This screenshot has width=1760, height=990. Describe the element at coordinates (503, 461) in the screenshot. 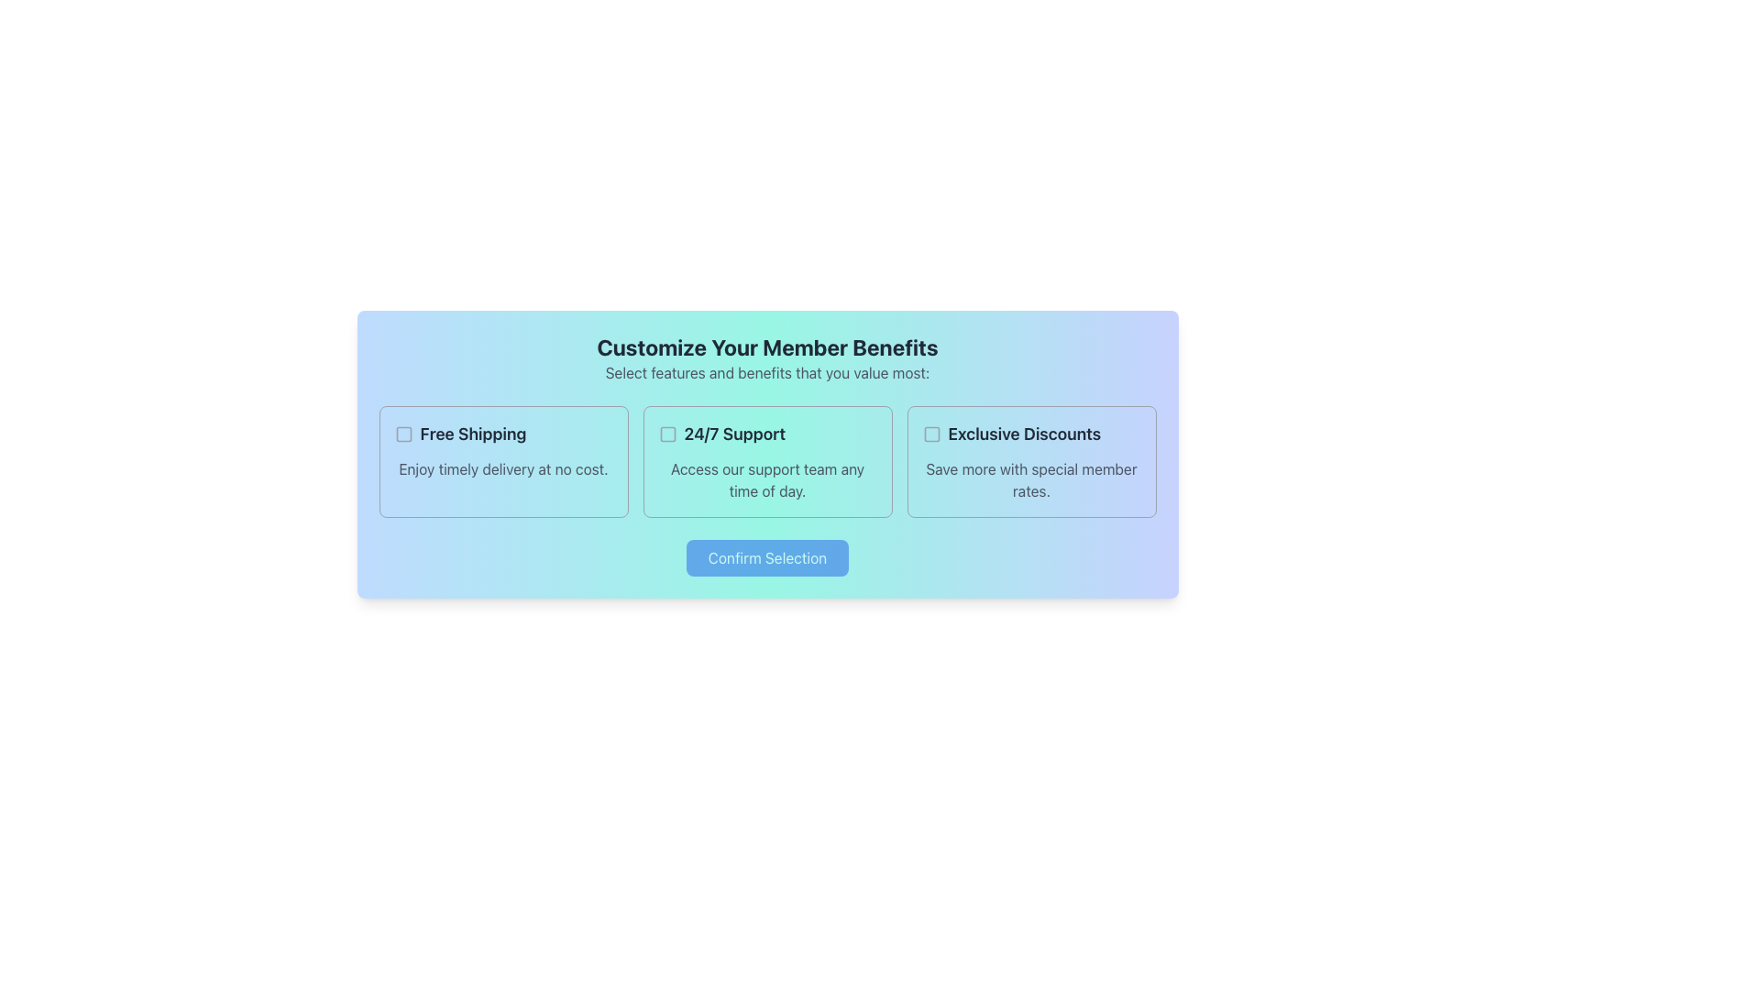

I see `the rectangular card labeled 'Free Shipping' that contains a checkbox and a subtitle, located in the first column of the grid layout` at that location.